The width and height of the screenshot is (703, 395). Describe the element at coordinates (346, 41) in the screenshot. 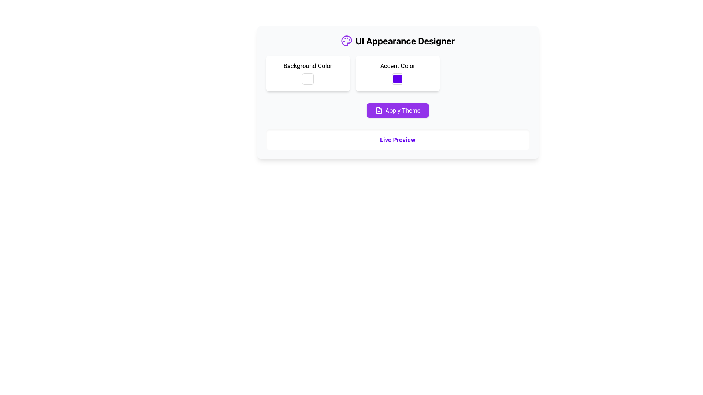

I see `the decorative icon representing the 'UI Appearance Designer' section, located to the immediate left of the text in the upper section of the webpage` at that location.